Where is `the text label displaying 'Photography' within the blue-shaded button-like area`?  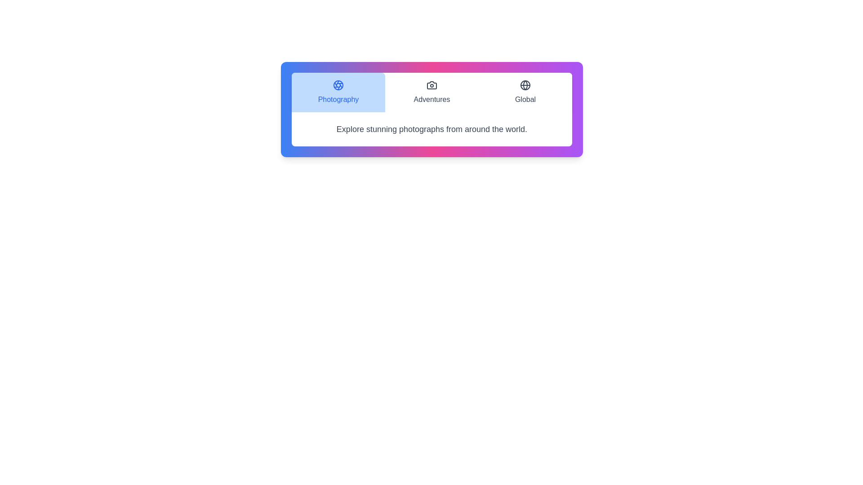 the text label displaying 'Photography' within the blue-shaded button-like area is located at coordinates (338, 100).